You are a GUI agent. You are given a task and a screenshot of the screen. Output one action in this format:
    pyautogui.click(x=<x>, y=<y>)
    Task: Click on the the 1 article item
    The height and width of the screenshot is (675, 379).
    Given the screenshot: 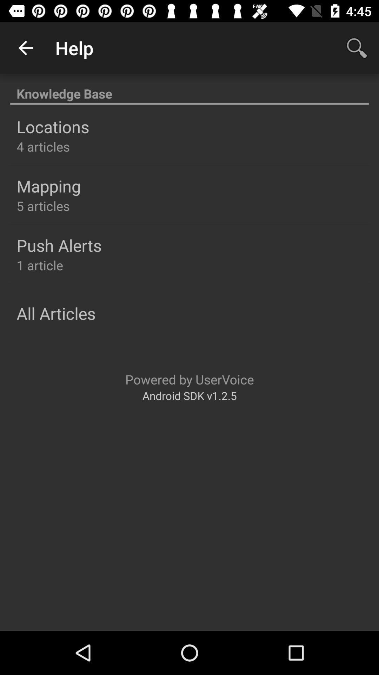 What is the action you would take?
    pyautogui.click(x=40, y=265)
    